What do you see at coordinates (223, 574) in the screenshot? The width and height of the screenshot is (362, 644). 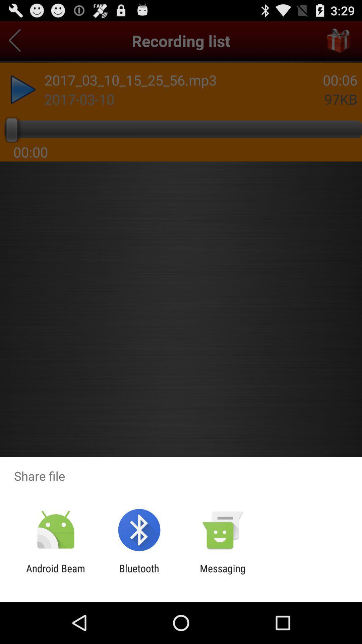 I see `app to the right of bluetooth` at bounding box center [223, 574].